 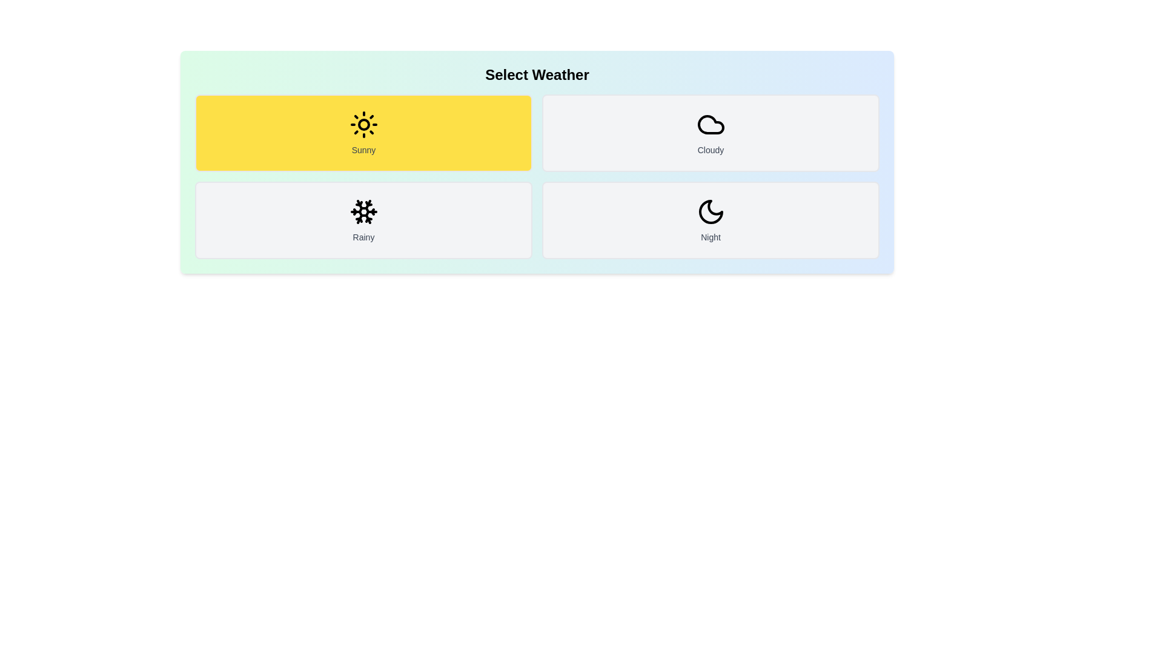 What do you see at coordinates (363, 220) in the screenshot?
I see `the weather button labeled Rainy to observe its visual feedback` at bounding box center [363, 220].